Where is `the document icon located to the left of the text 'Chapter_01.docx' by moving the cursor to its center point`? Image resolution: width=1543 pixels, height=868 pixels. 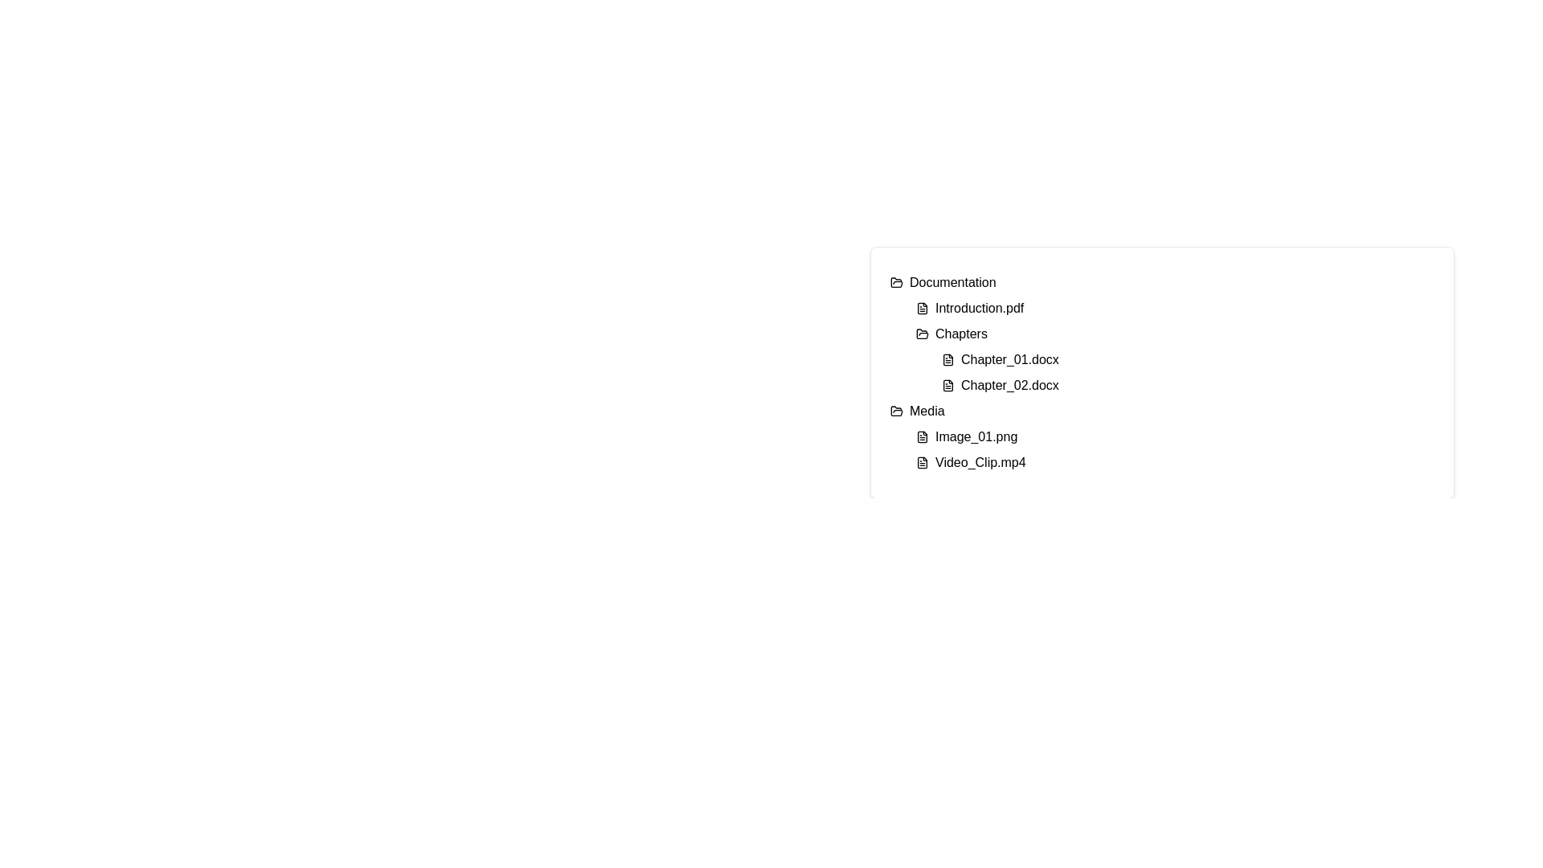 the document icon located to the left of the text 'Chapter_01.docx' by moving the cursor to its center point is located at coordinates (948, 358).